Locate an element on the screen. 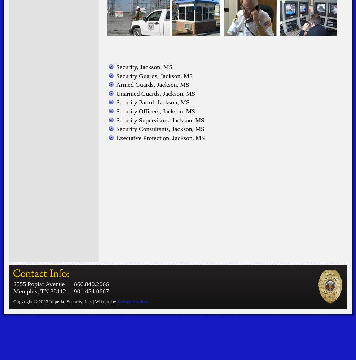  'Deluge Studios' is located at coordinates (132, 301).